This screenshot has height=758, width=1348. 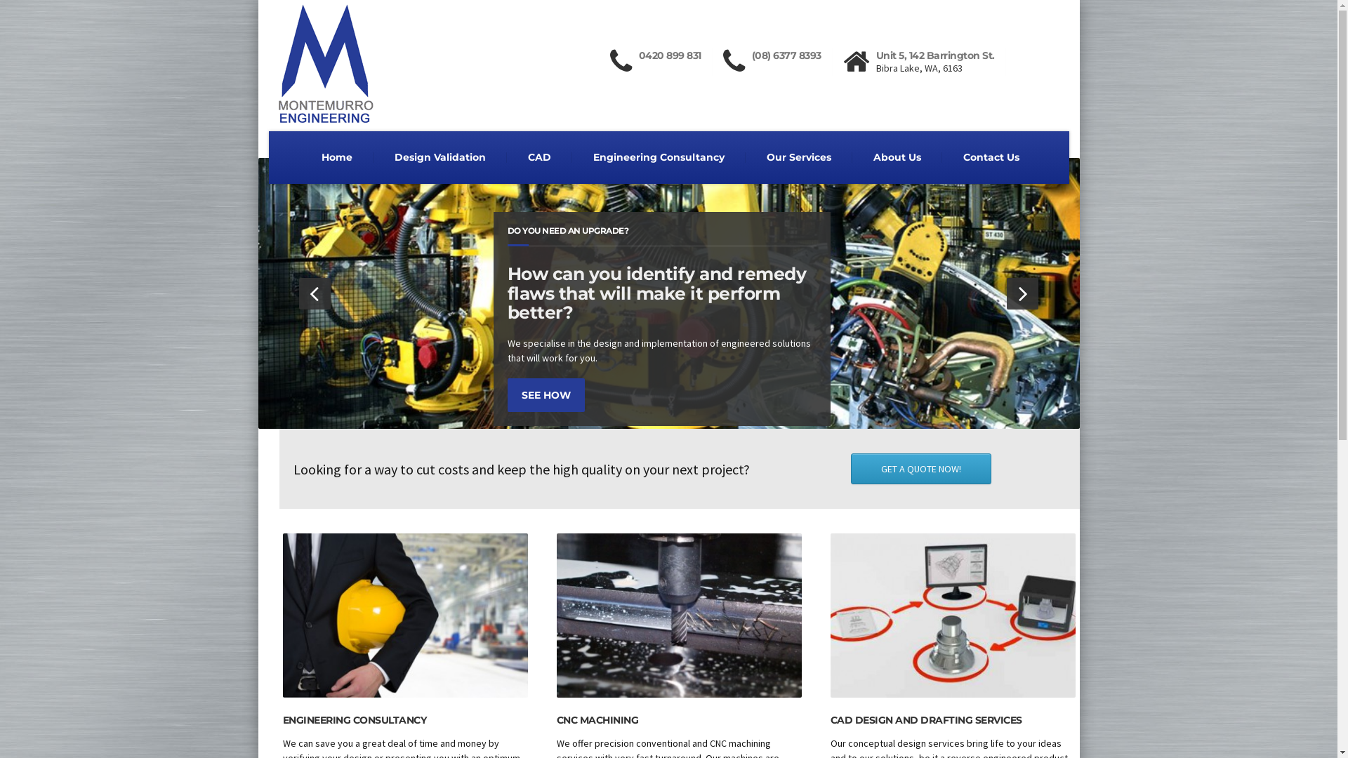 I want to click on 'Our Services', so click(x=798, y=157).